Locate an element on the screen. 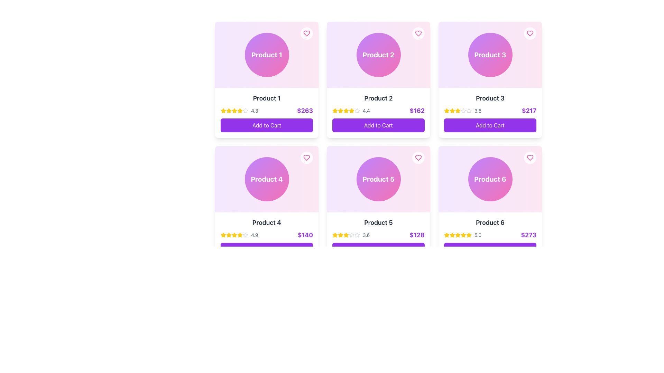  the circular gradient-filled icon with white text reading 'Product 6' located in the bottom-right corner of the product card layout is located at coordinates (490, 179).